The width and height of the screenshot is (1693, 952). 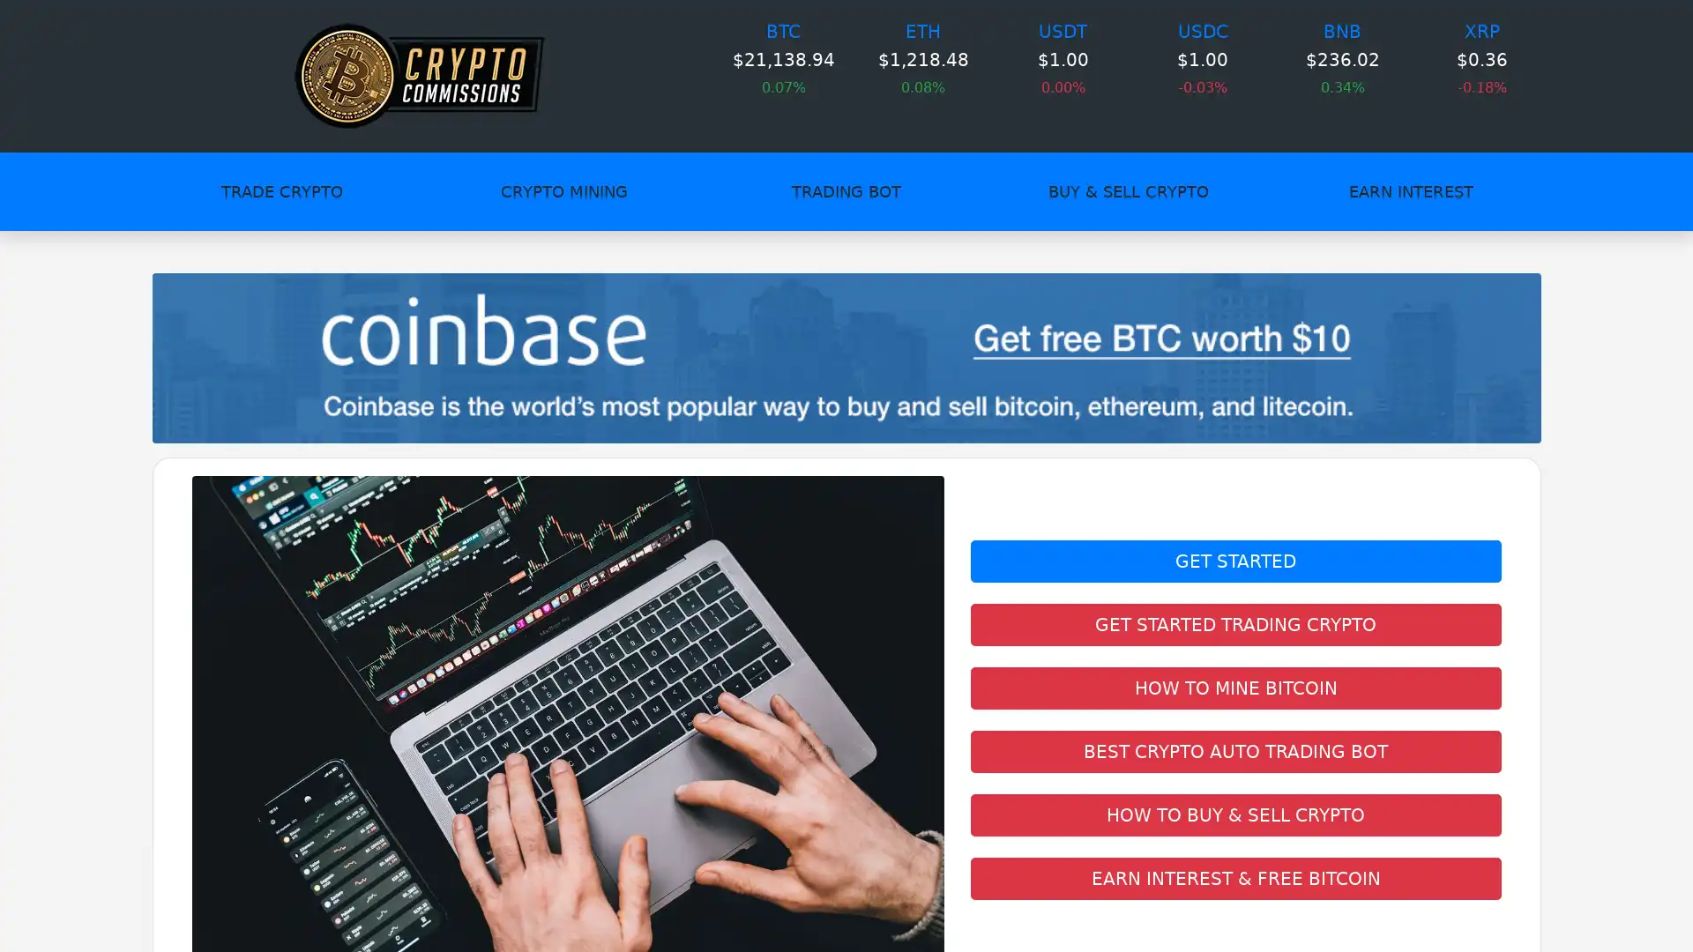 I want to click on GET STARTED, so click(x=1234, y=561).